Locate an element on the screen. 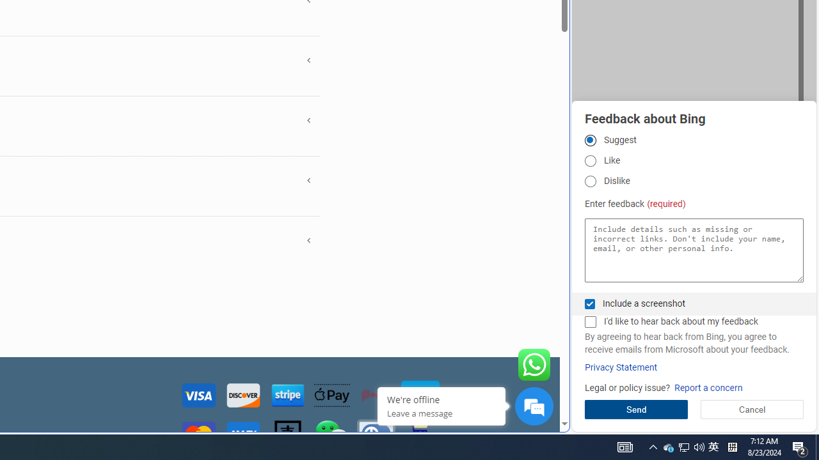 This screenshot has width=819, height=460. 'Cancel' is located at coordinates (752, 409).